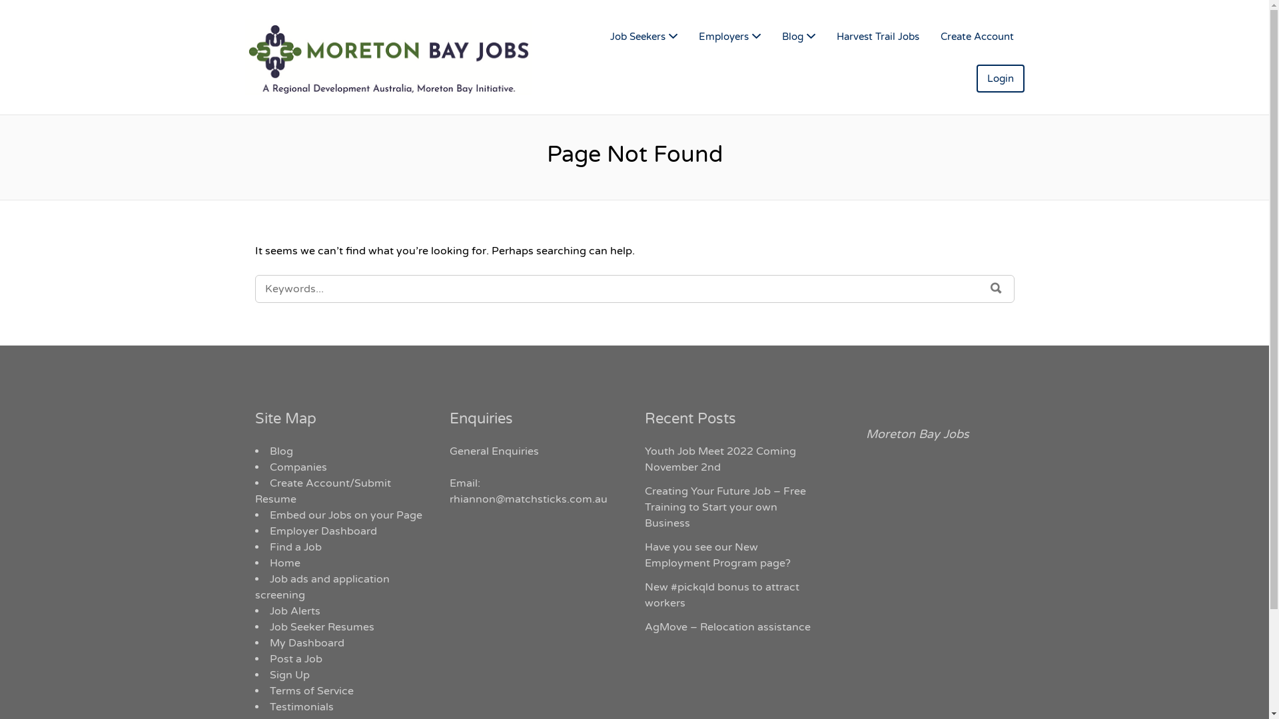 Image resolution: width=1279 pixels, height=719 pixels. I want to click on 'My Dashboard', so click(306, 642).